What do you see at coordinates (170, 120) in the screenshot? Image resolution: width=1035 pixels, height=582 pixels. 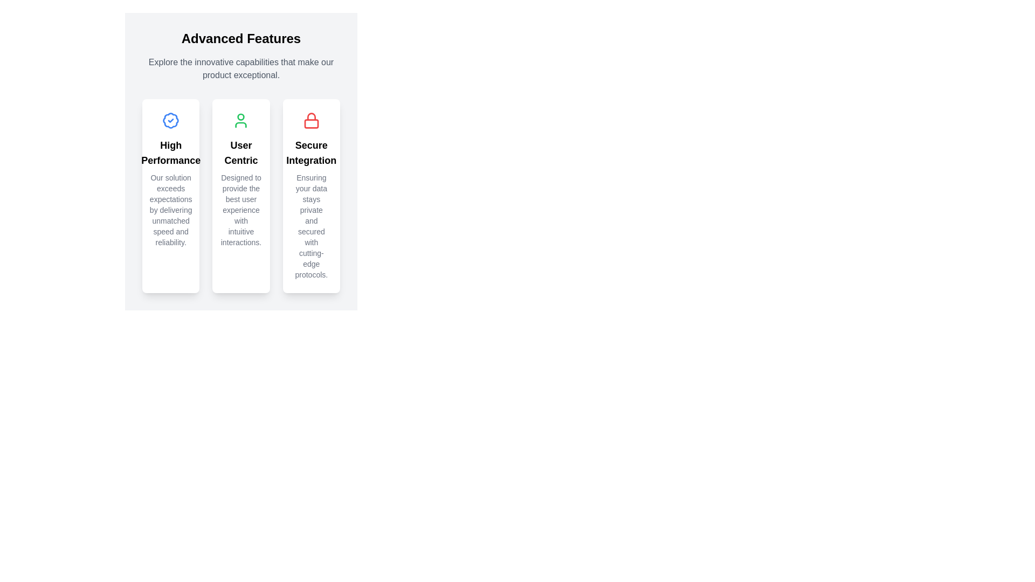 I see `the validation icon located at the top center of the leftmost 'High Performance' card` at bounding box center [170, 120].